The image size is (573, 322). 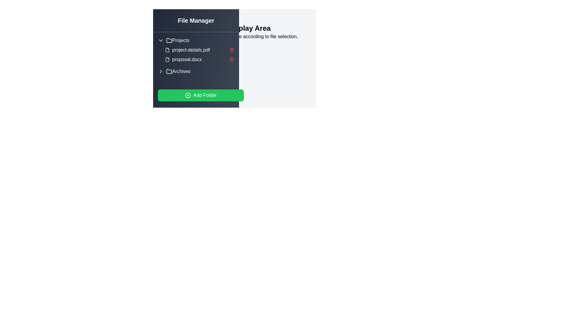 What do you see at coordinates (169, 40) in the screenshot?
I see `the folder icon located in the 'Projects' section of the 'File Manager' sidebar, adjacent to the 'Projects' label` at bounding box center [169, 40].